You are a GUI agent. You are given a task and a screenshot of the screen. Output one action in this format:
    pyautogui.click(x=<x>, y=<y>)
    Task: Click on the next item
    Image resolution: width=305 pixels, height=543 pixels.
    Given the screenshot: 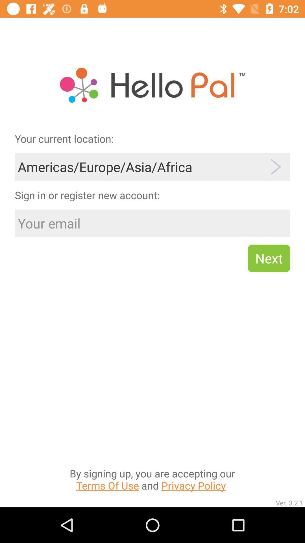 What is the action you would take?
    pyautogui.click(x=269, y=258)
    